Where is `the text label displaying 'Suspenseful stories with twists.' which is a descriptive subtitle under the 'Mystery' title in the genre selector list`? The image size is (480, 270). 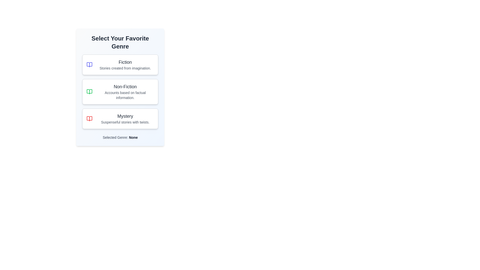 the text label displaying 'Suspenseful stories with twists.' which is a descriptive subtitle under the 'Mystery' title in the genre selector list is located at coordinates (125, 122).